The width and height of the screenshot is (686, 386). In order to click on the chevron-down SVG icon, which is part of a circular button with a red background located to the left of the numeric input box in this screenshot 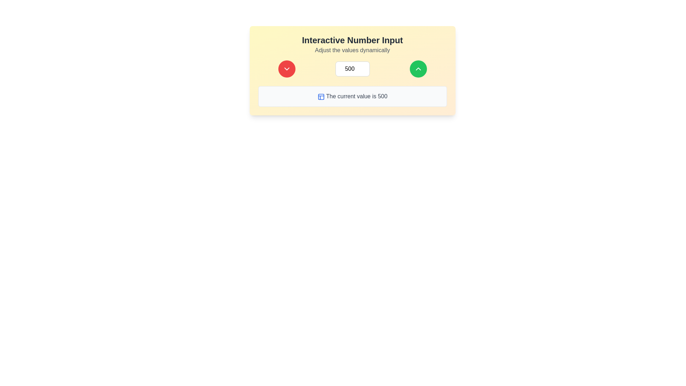, I will do `click(287, 69)`.